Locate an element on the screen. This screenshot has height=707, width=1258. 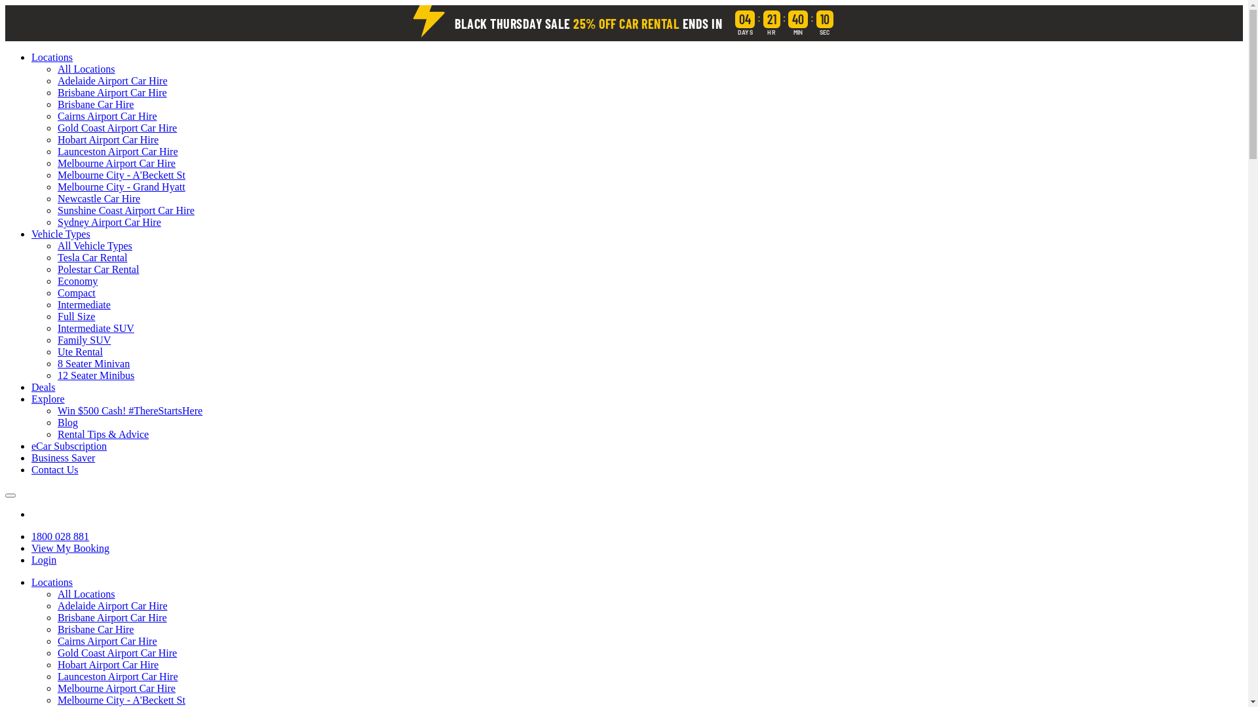
'Launceston Airport Car Hire' is located at coordinates (118, 151).